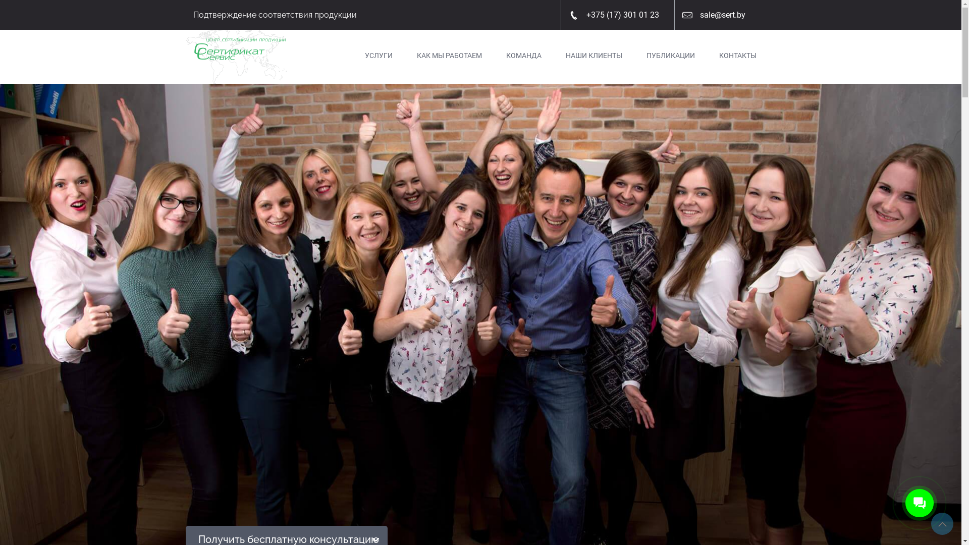 Image resolution: width=969 pixels, height=545 pixels. Describe the element at coordinates (717, 15) in the screenshot. I see `'sale@sert.by'` at that location.